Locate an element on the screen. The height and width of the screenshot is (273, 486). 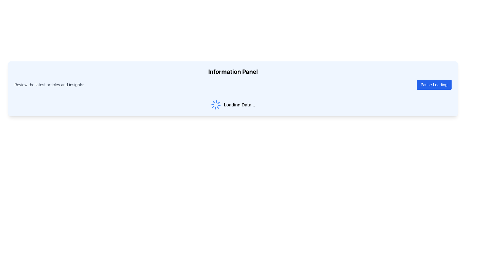
the text label displaying 'Loading Data...' which is positioned on a centered panel, to the right of a spinning loader icon is located at coordinates (239, 105).